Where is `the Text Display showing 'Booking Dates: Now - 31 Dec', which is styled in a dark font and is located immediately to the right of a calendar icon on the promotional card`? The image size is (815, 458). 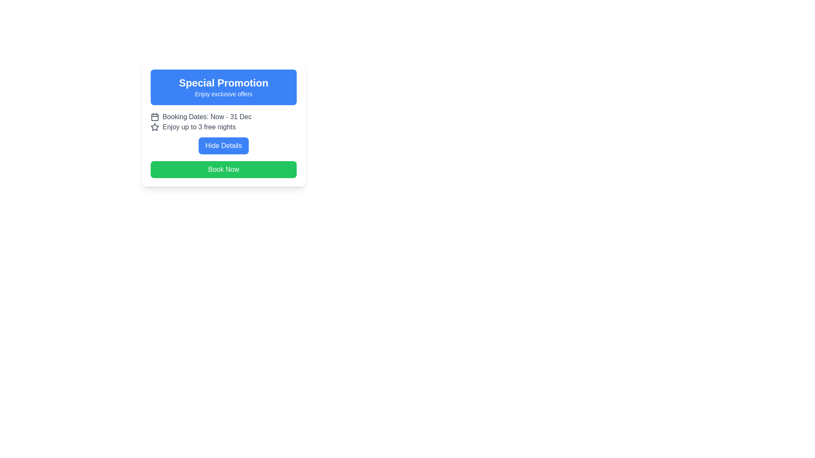 the Text Display showing 'Booking Dates: Now - 31 Dec', which is styled in a dark font and is located immediately to the right of a calendar icon on the promotional card is located at coordinates (207, 117).